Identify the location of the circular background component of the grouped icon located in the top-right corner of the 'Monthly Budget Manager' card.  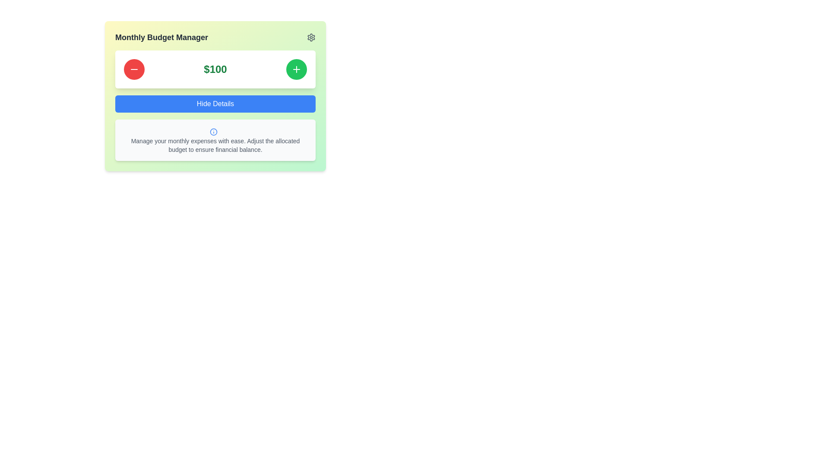
(213, 131).